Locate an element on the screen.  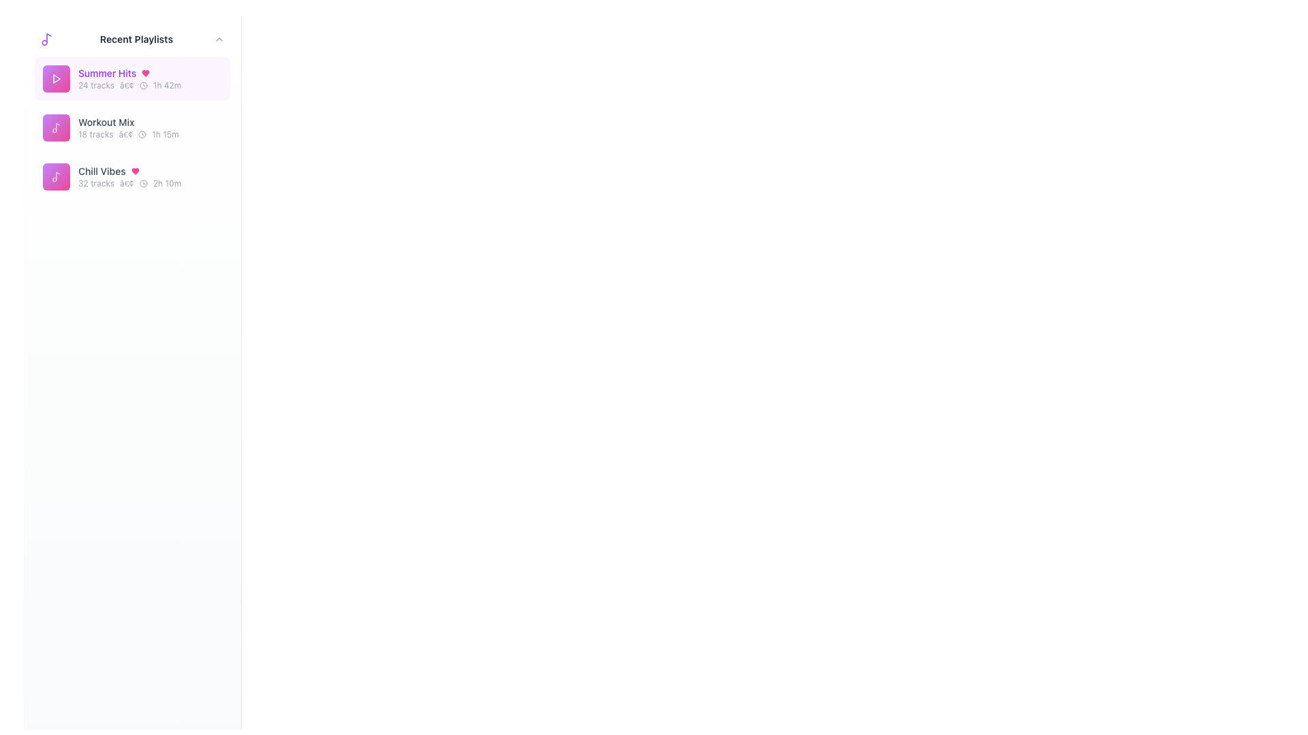
the 'play' icon, which is a triangle shape filled with a uniform color, located beside the 'Summer Hits' playlist entry in the music app interface is located at coordinates (56, 78).